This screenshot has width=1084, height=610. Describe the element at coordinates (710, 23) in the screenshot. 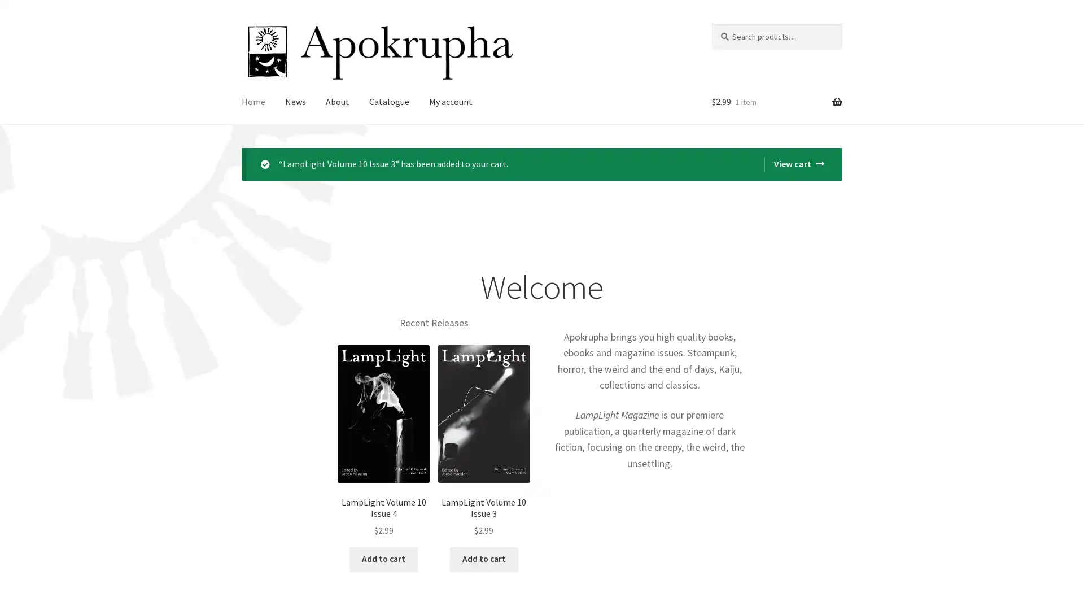

I see `Search` at that location.